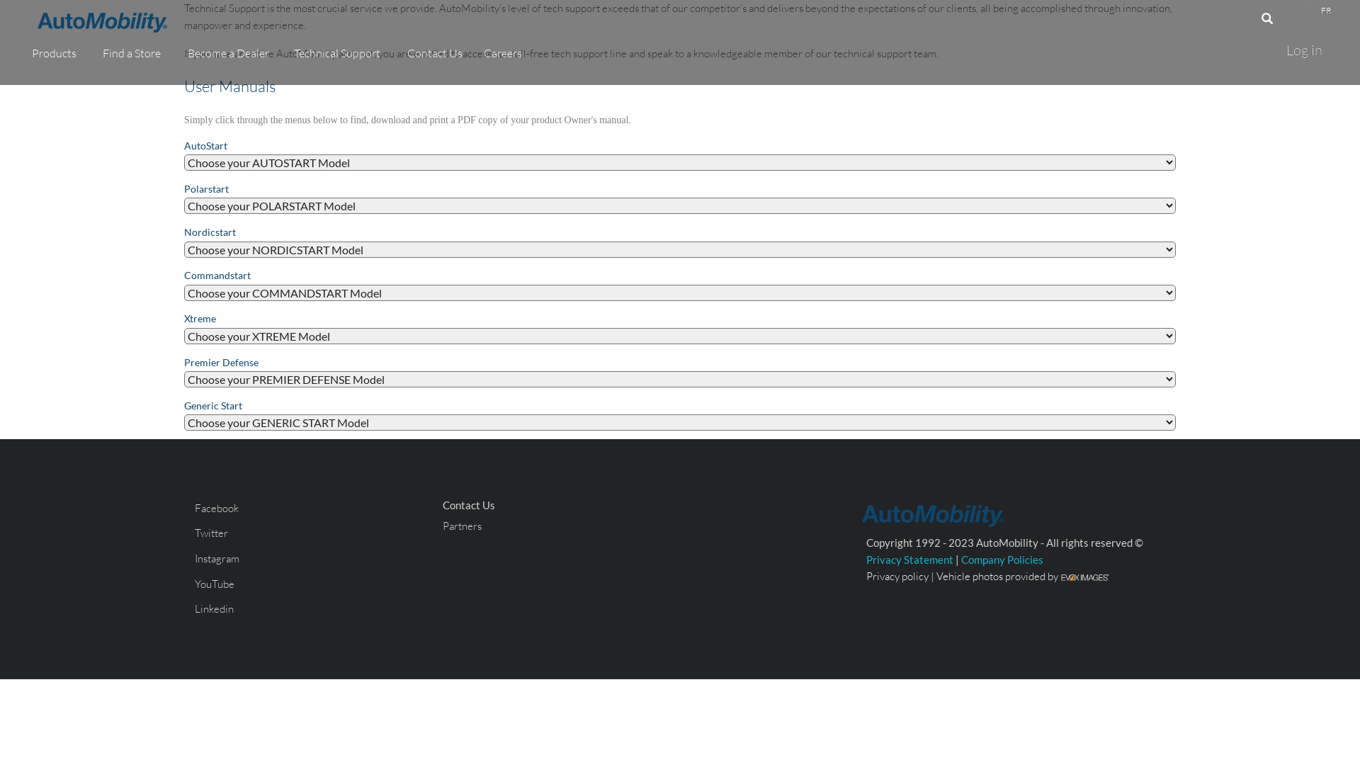 This screenshot has width=1360, height=765. What do you see at coordinates (340, 52) in the screenshot?
I see `'Technical Support'` at bounding box center [340, 52].